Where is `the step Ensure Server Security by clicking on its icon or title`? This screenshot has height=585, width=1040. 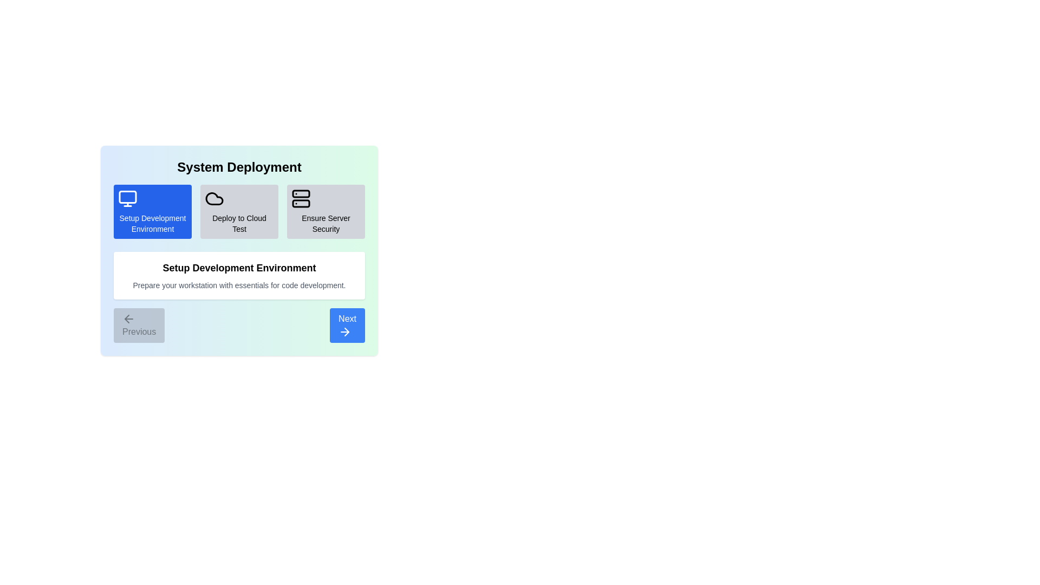 the step Ensure Server Security by clicking on its icon or title is located at coordinates (325, 211).